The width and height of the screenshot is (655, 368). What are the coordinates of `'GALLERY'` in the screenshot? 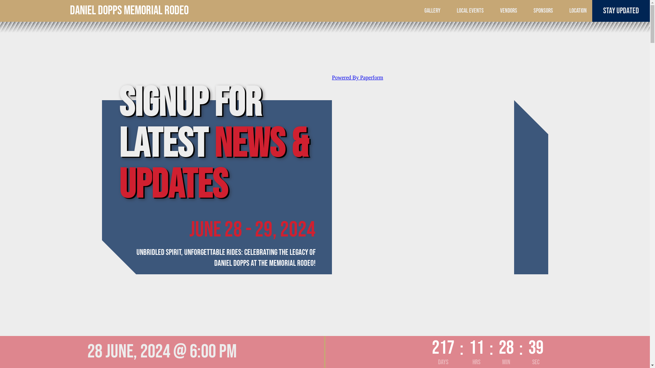 It's located at (432, 11).